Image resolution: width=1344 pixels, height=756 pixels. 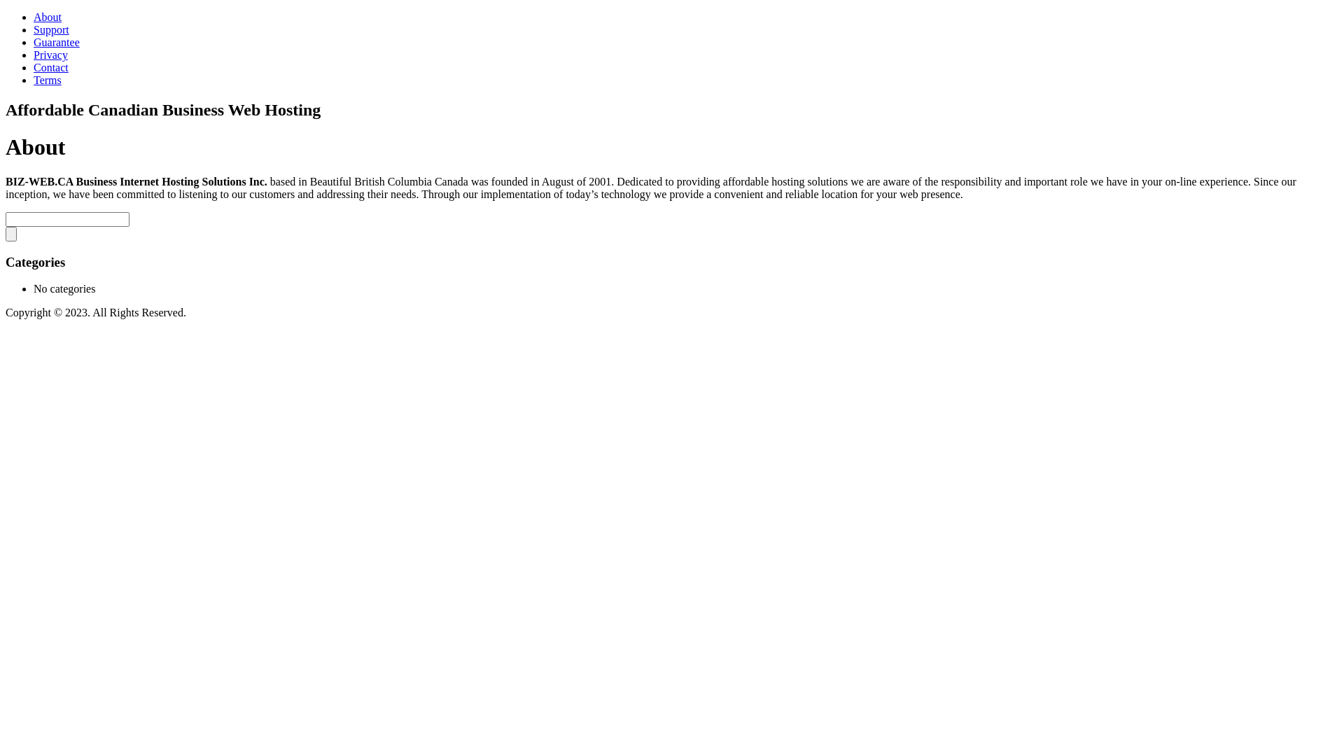 What do you see at coordinates (47, 80) in the screenshot?
I see `'Terms'` at bounding box center [47, 80].